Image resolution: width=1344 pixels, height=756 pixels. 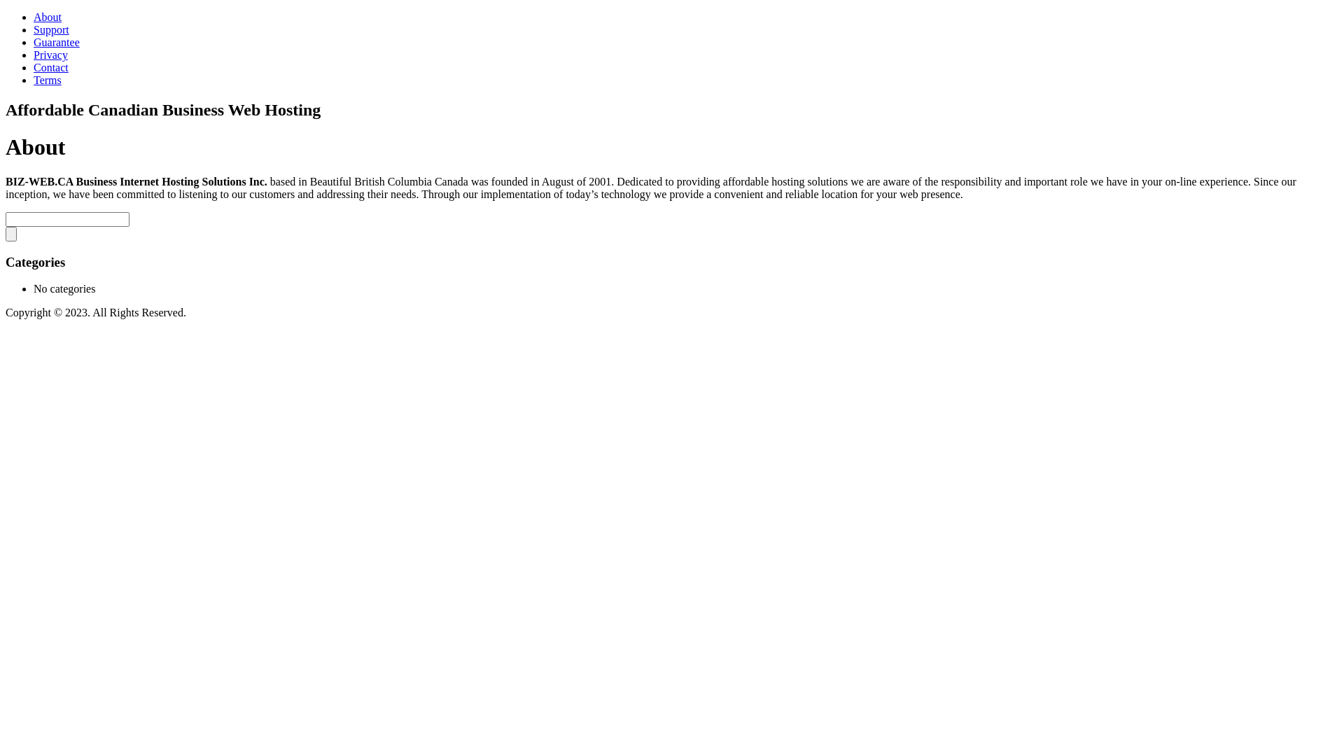 What do you see at coordinates (47, 80) in the screenshot?
I see `'Terms'` at bounding box center [47, 80].